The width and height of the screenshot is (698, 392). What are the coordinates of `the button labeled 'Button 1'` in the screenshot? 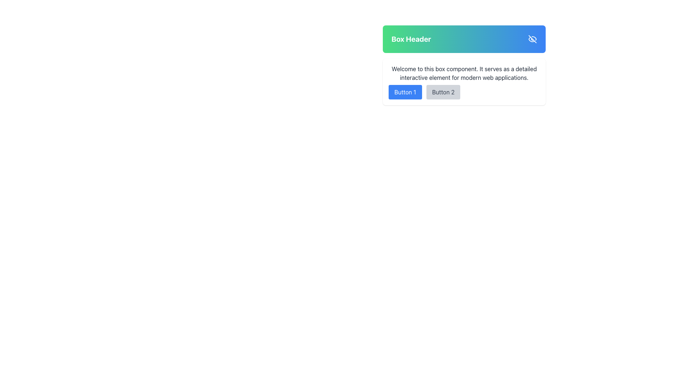 It's located at (405, 92).